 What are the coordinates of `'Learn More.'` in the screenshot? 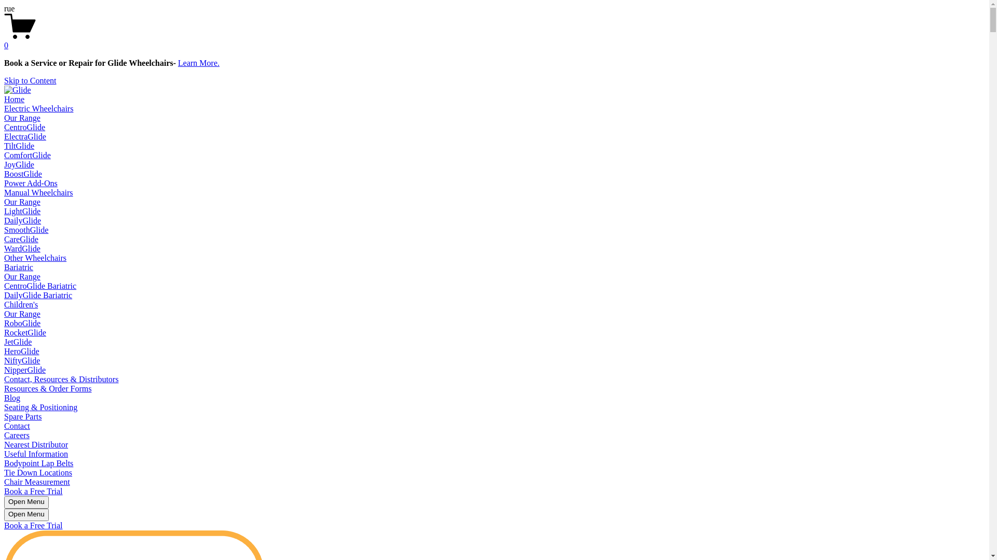 It's located at (199, 63).